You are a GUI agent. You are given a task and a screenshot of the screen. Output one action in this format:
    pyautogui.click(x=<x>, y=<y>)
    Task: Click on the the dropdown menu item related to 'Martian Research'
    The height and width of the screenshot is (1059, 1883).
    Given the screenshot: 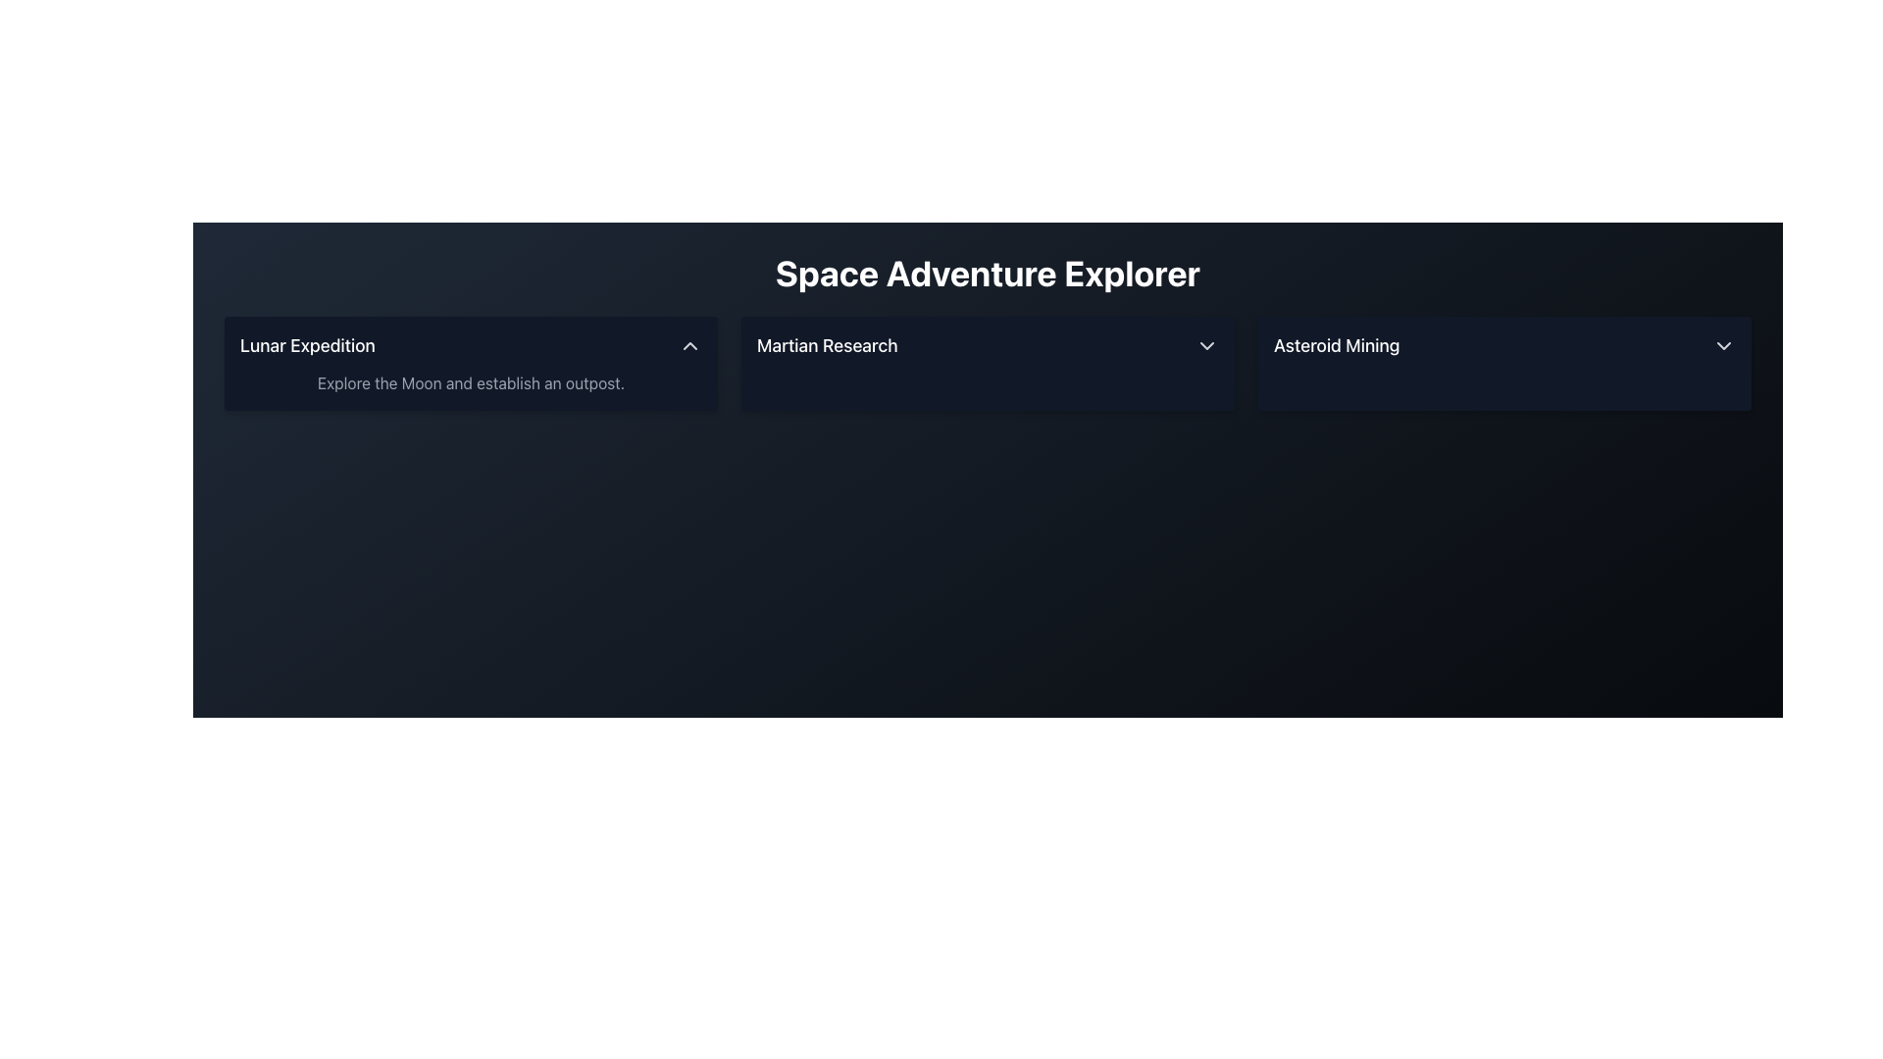 What is the action you would take?
    pyautogui.click(x=988, y=345)
    